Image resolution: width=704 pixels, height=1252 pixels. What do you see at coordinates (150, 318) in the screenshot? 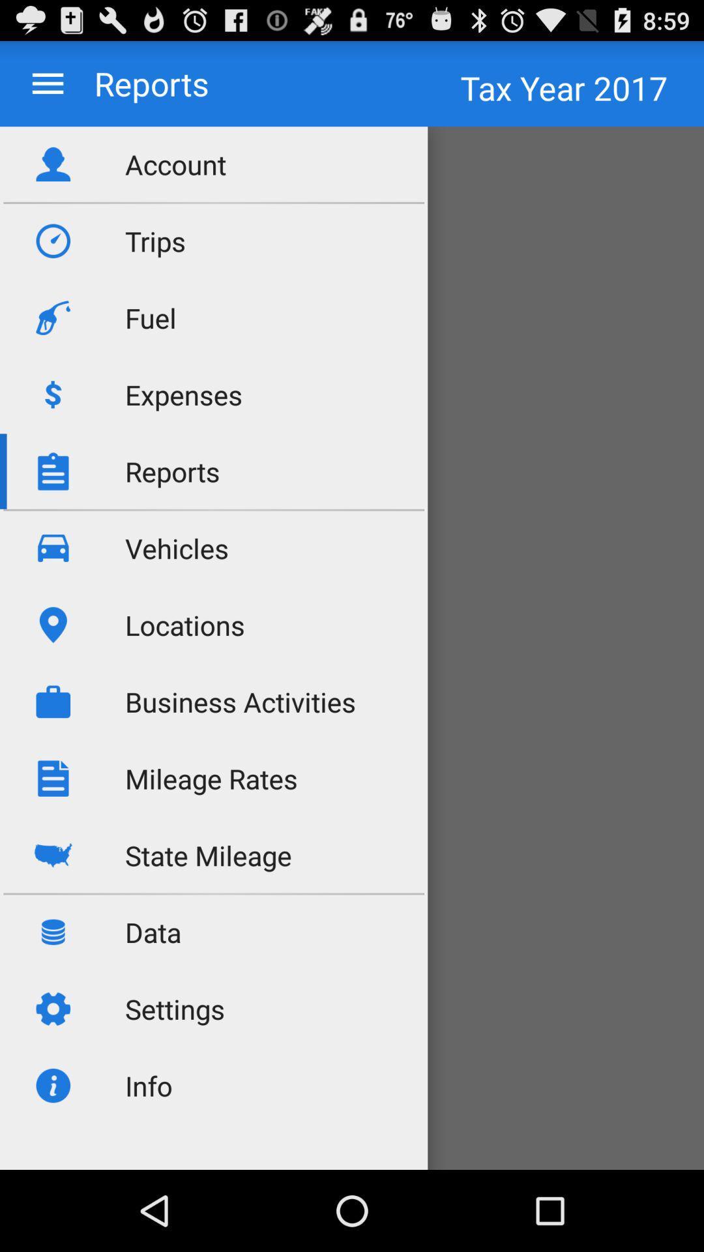
I see `the fuel item` at bounding box center [150, 318].